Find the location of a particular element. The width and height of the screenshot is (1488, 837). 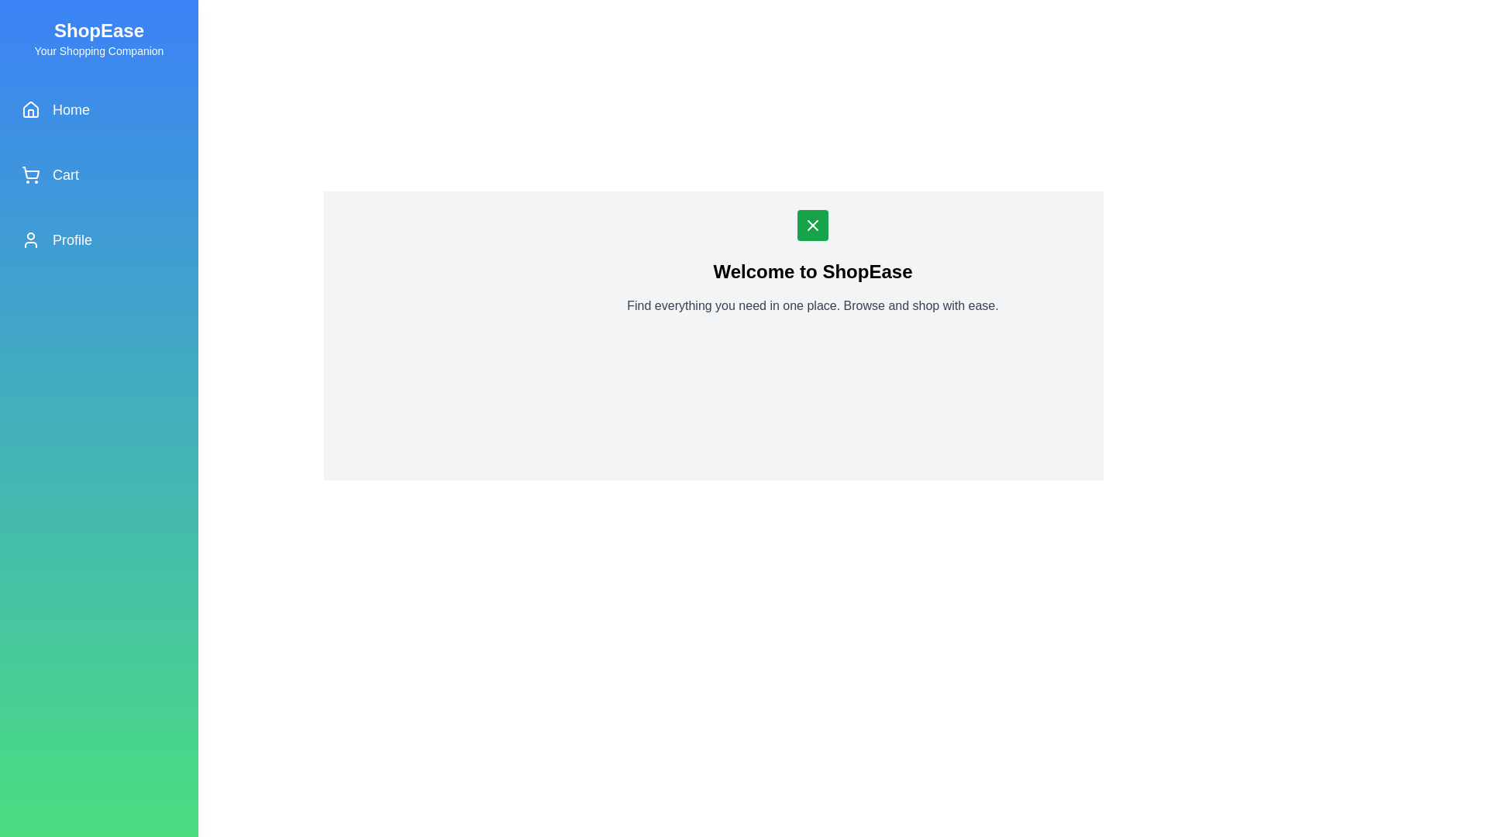

the shopping cart icon located in the left vertical navigation menu, adjacent to the 'Cart' label is located at coordinates (30, 174).